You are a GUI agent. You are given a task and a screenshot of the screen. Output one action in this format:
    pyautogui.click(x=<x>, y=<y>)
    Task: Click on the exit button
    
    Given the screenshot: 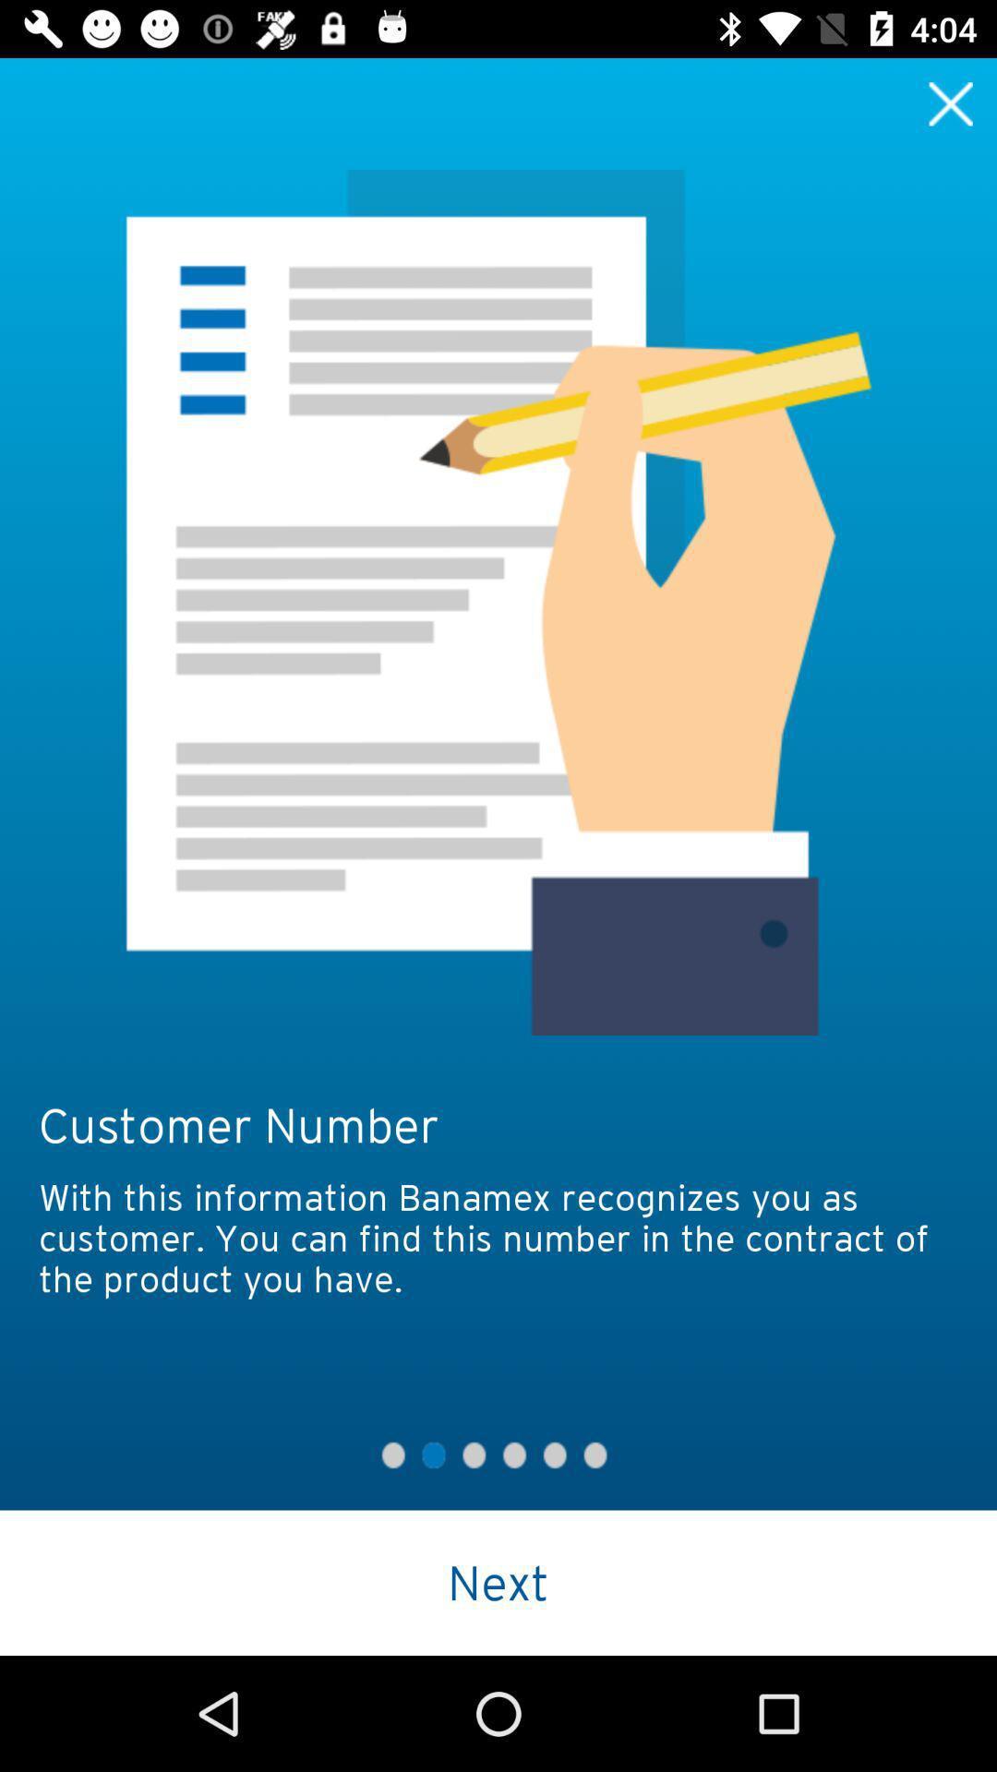 What is the action you would take?
    pyautogui.click(x=951, y=102)
    